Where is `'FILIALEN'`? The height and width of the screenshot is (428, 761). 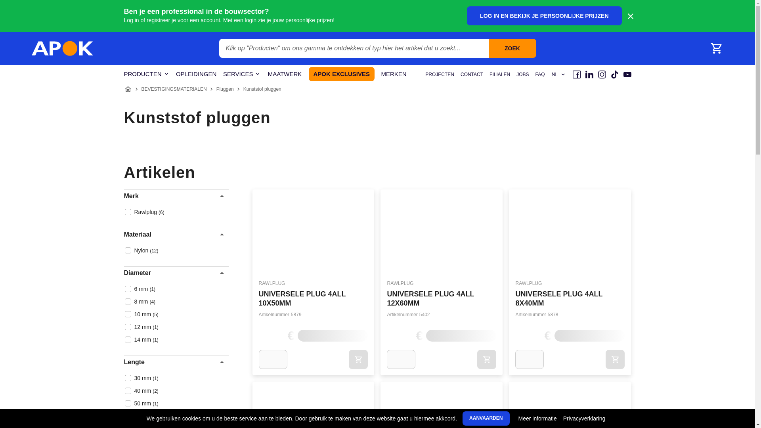
'FILIALEN' is located at coordinates (489, 75).